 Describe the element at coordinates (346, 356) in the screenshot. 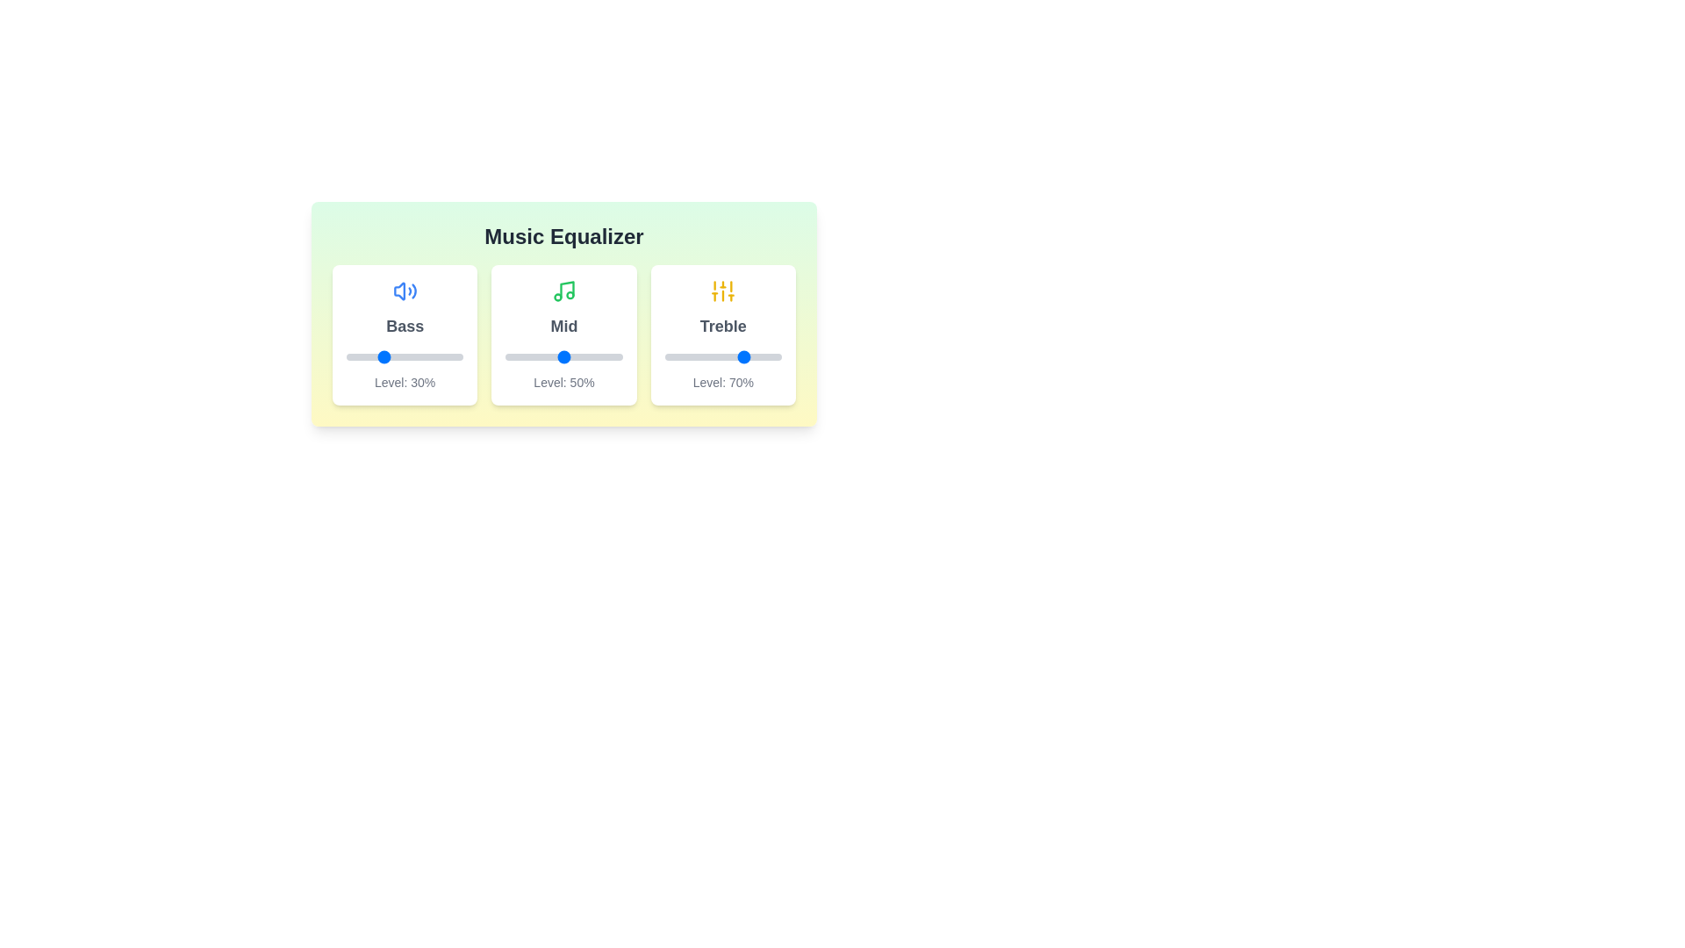

I see `the bass slider to 0%` at that location.